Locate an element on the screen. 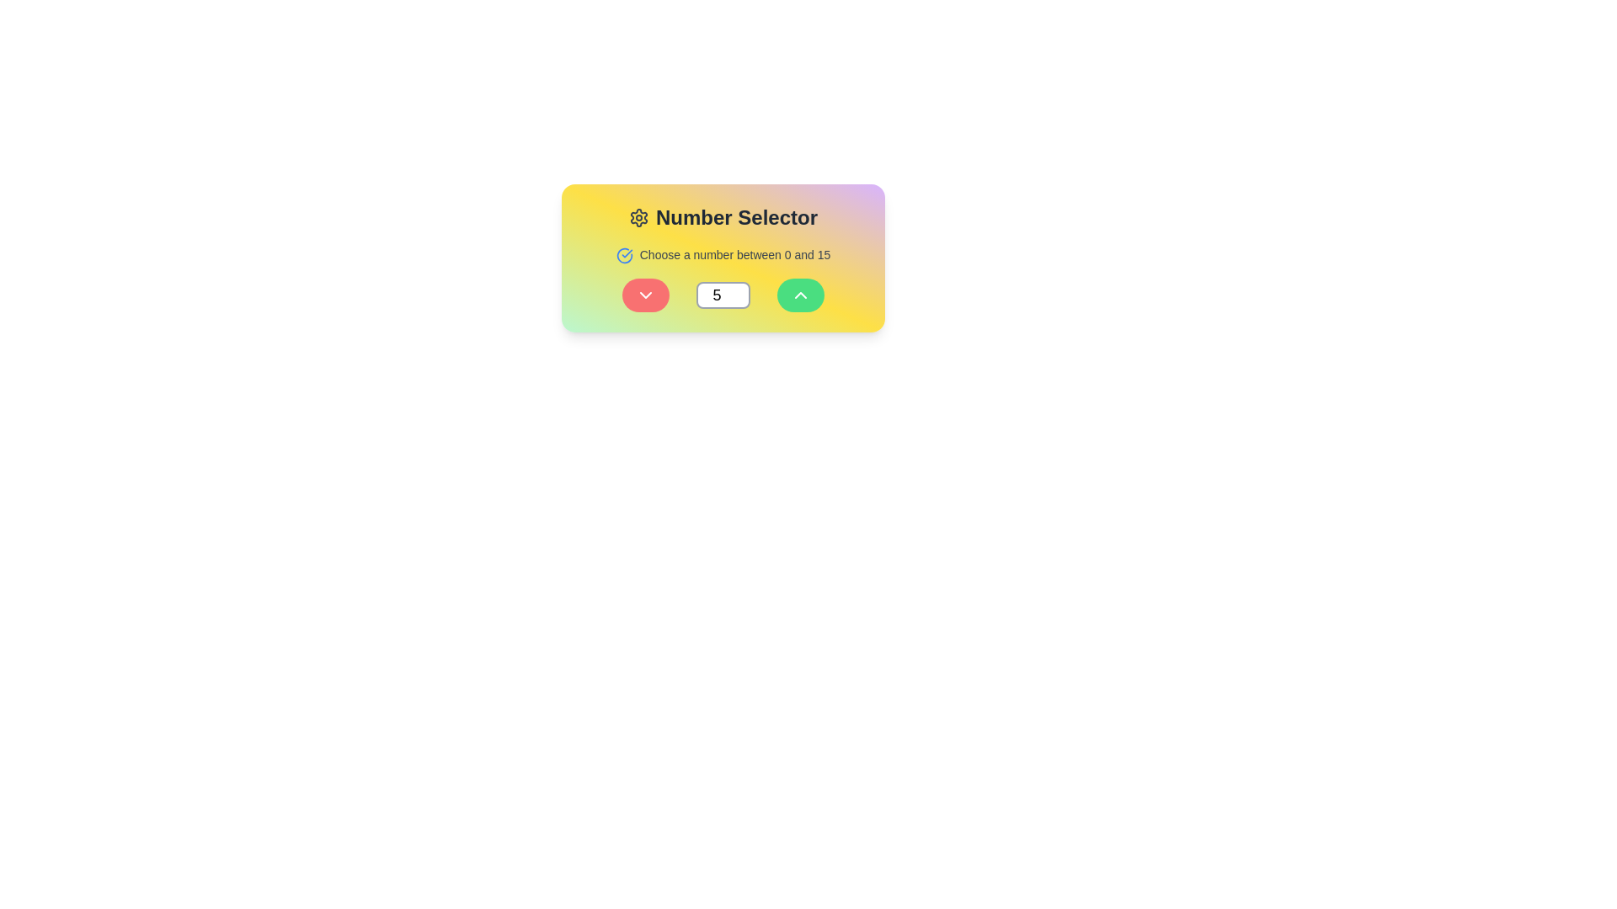  the 'Number Selector' text label with a gear icon, which is centrally aligned at the top of a colorful card component is located at coordinates (723, 216).